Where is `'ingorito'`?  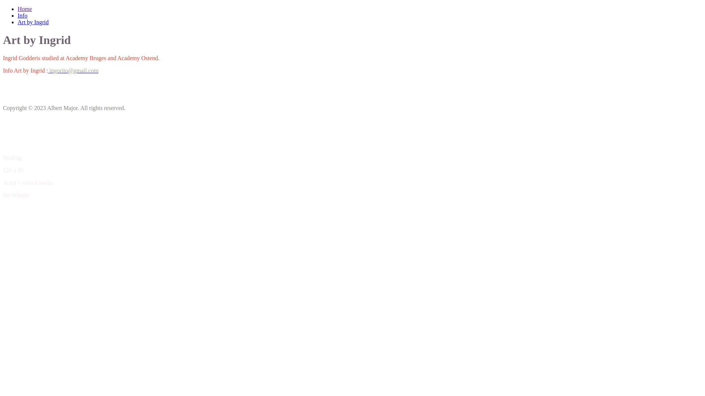 'ingorito' is located at coordinates (48, 70).